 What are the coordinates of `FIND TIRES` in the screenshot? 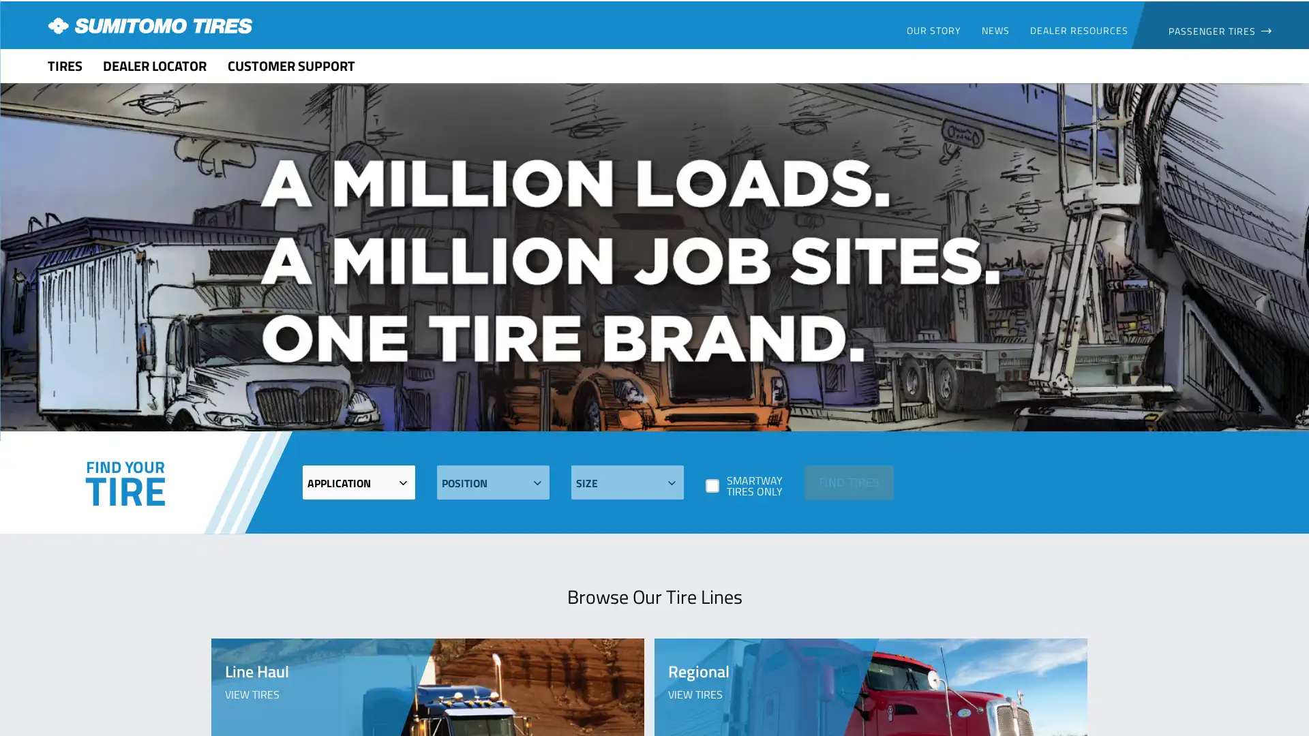 It's located at (847, 481).